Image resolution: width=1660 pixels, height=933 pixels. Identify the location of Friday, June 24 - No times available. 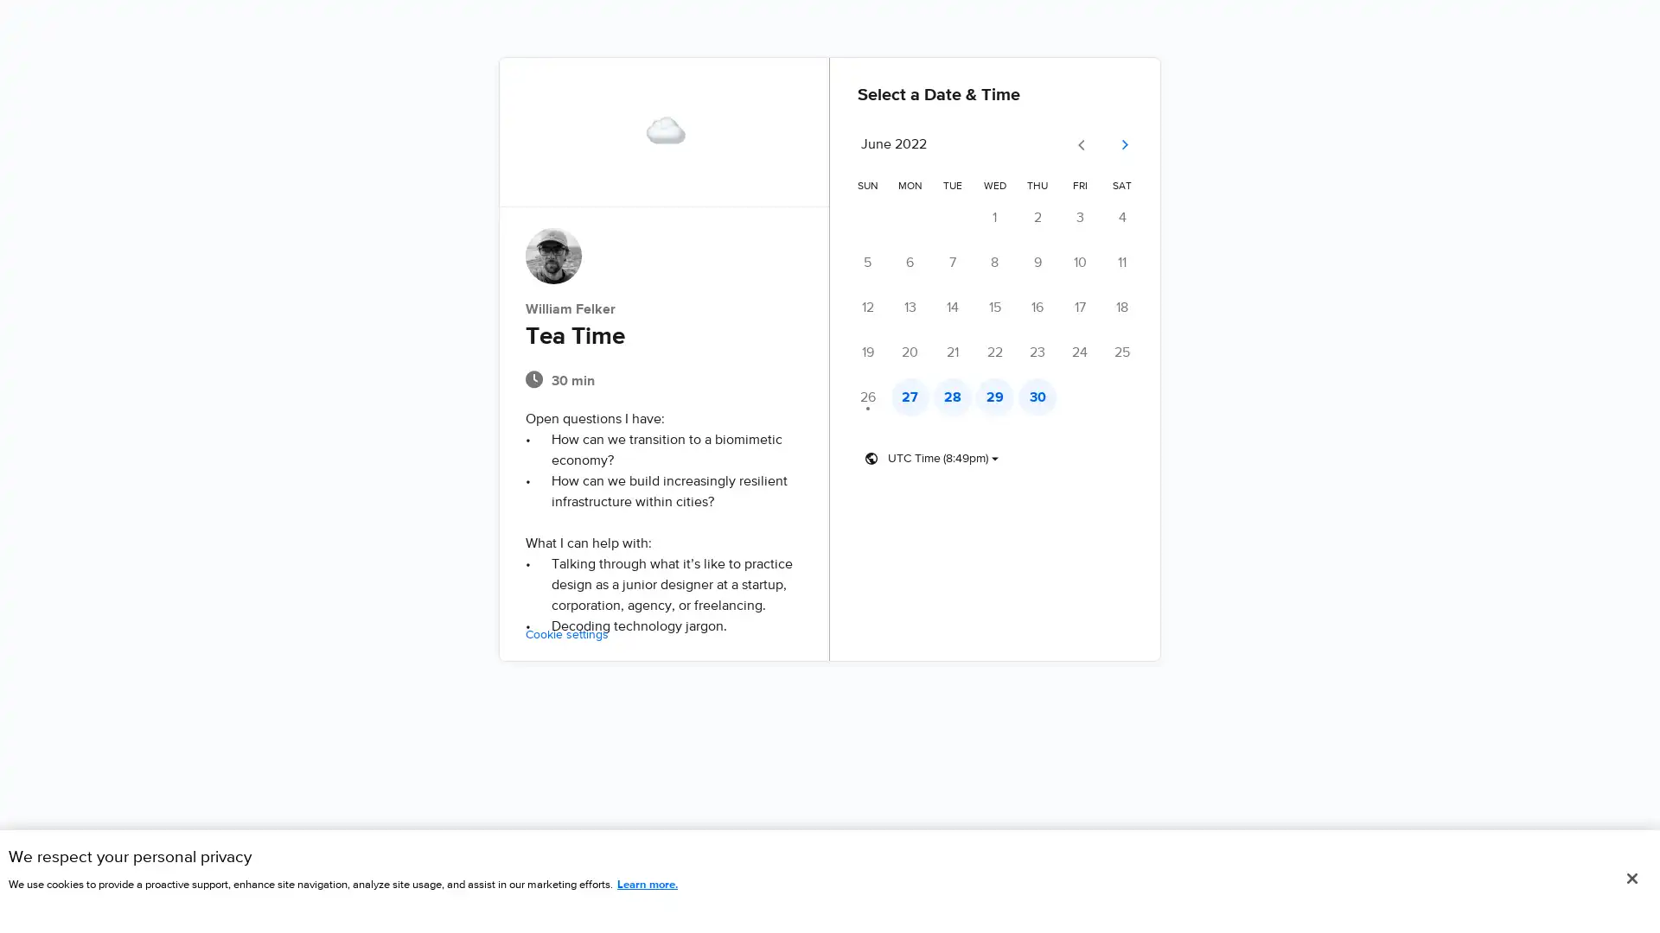
(1090, 352).